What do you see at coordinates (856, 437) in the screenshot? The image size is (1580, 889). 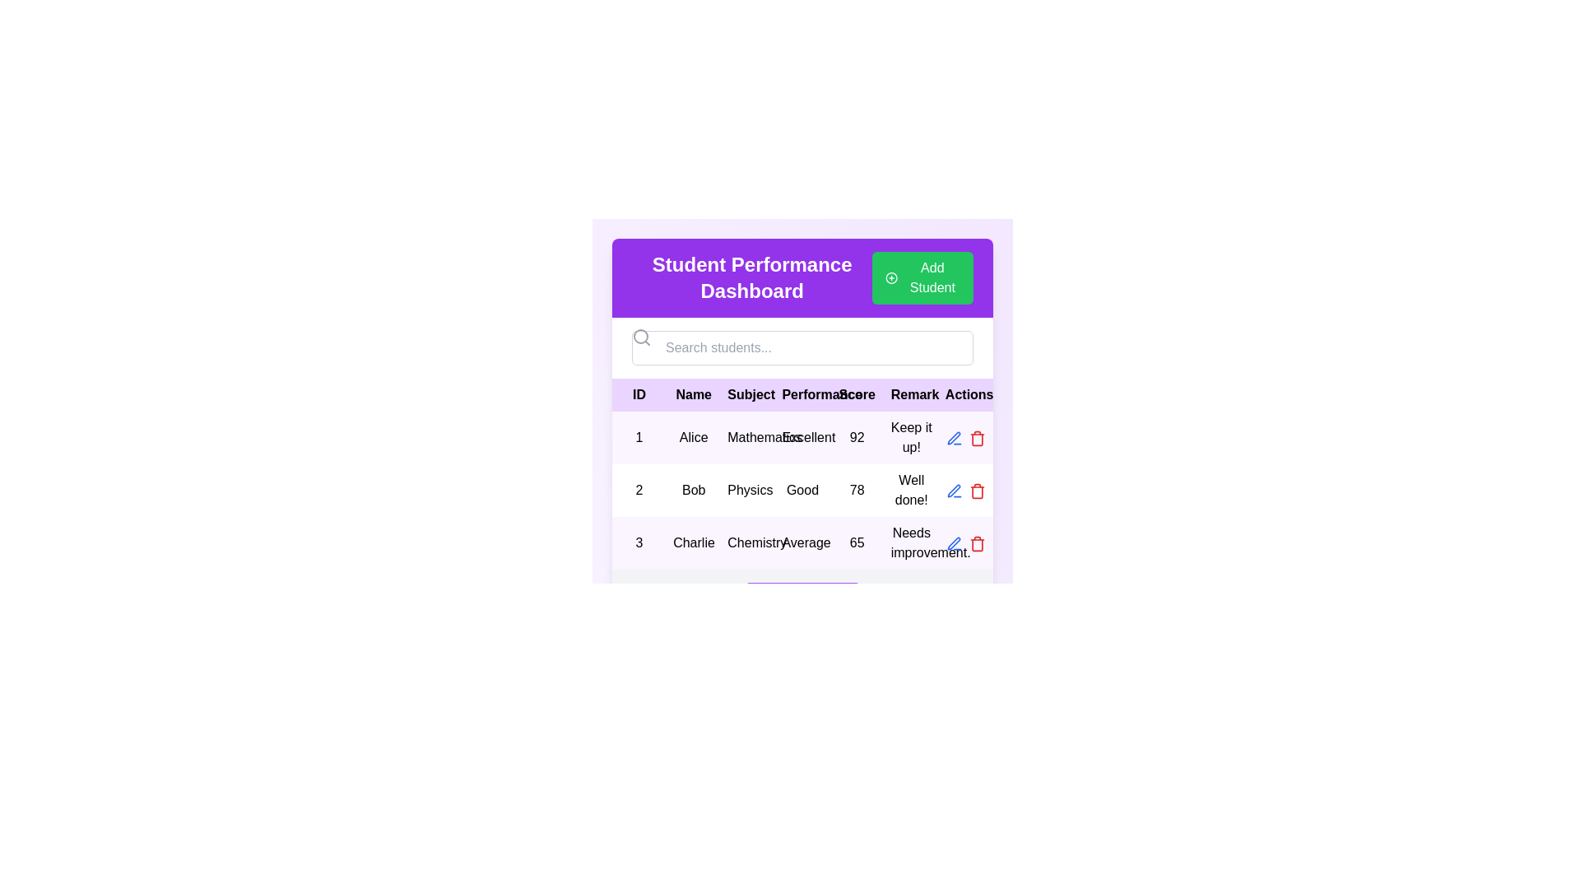 I see `the text display that shows Alice's score of '92' in the 'Score' column, located in the first row of the table` at bounding box center [856, 437].